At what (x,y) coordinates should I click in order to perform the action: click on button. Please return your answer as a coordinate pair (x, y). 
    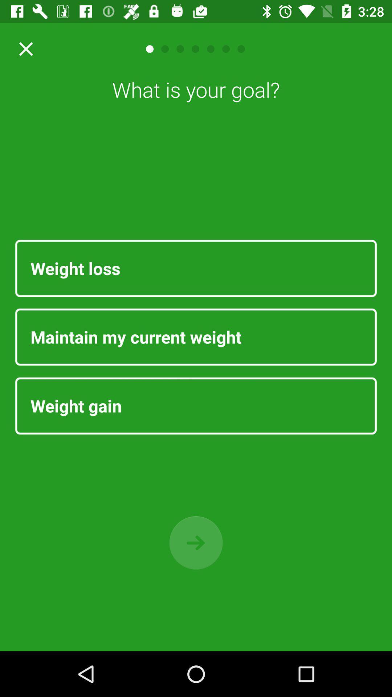
    Looking at the image, I should click on (23, 49).